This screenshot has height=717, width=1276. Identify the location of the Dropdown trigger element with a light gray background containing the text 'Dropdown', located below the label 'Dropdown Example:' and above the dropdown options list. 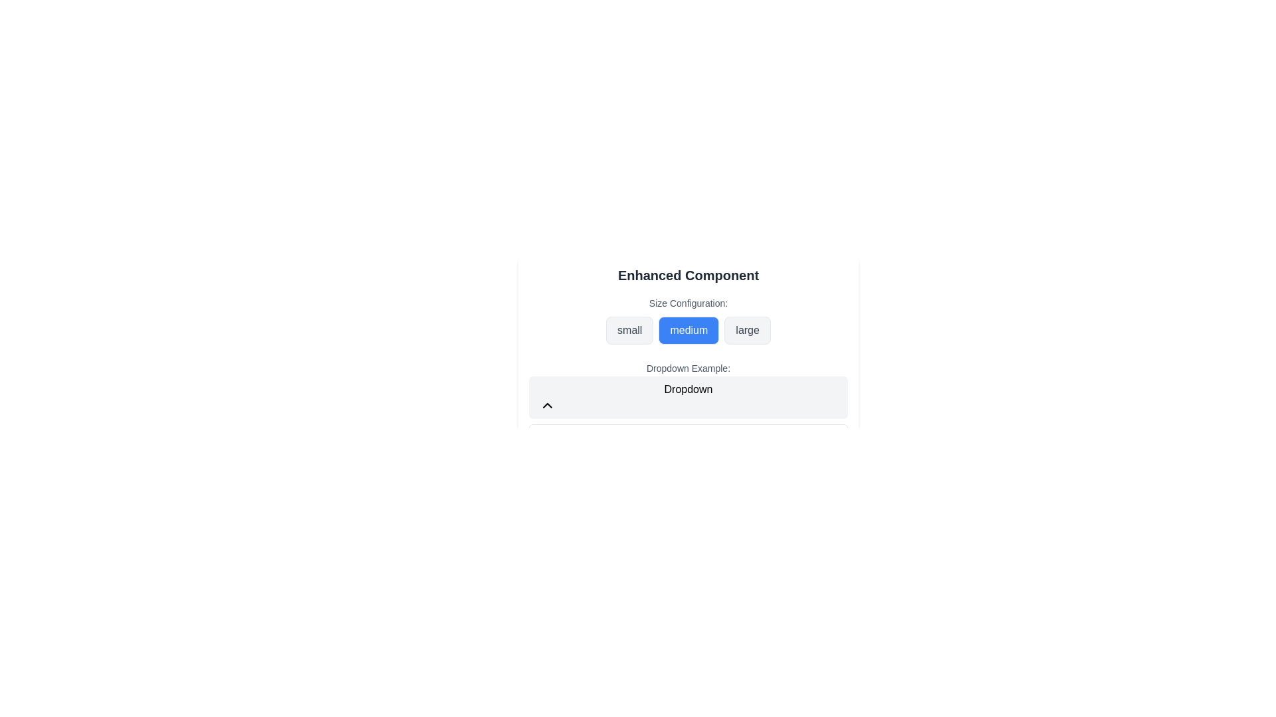
(689, 399).